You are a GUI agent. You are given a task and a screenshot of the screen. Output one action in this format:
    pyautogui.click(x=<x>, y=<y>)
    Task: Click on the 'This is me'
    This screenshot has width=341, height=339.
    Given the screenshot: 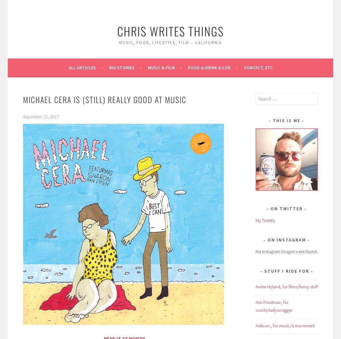 What is the action you would take?
    pyautogui.click(x=273, y=120)
    